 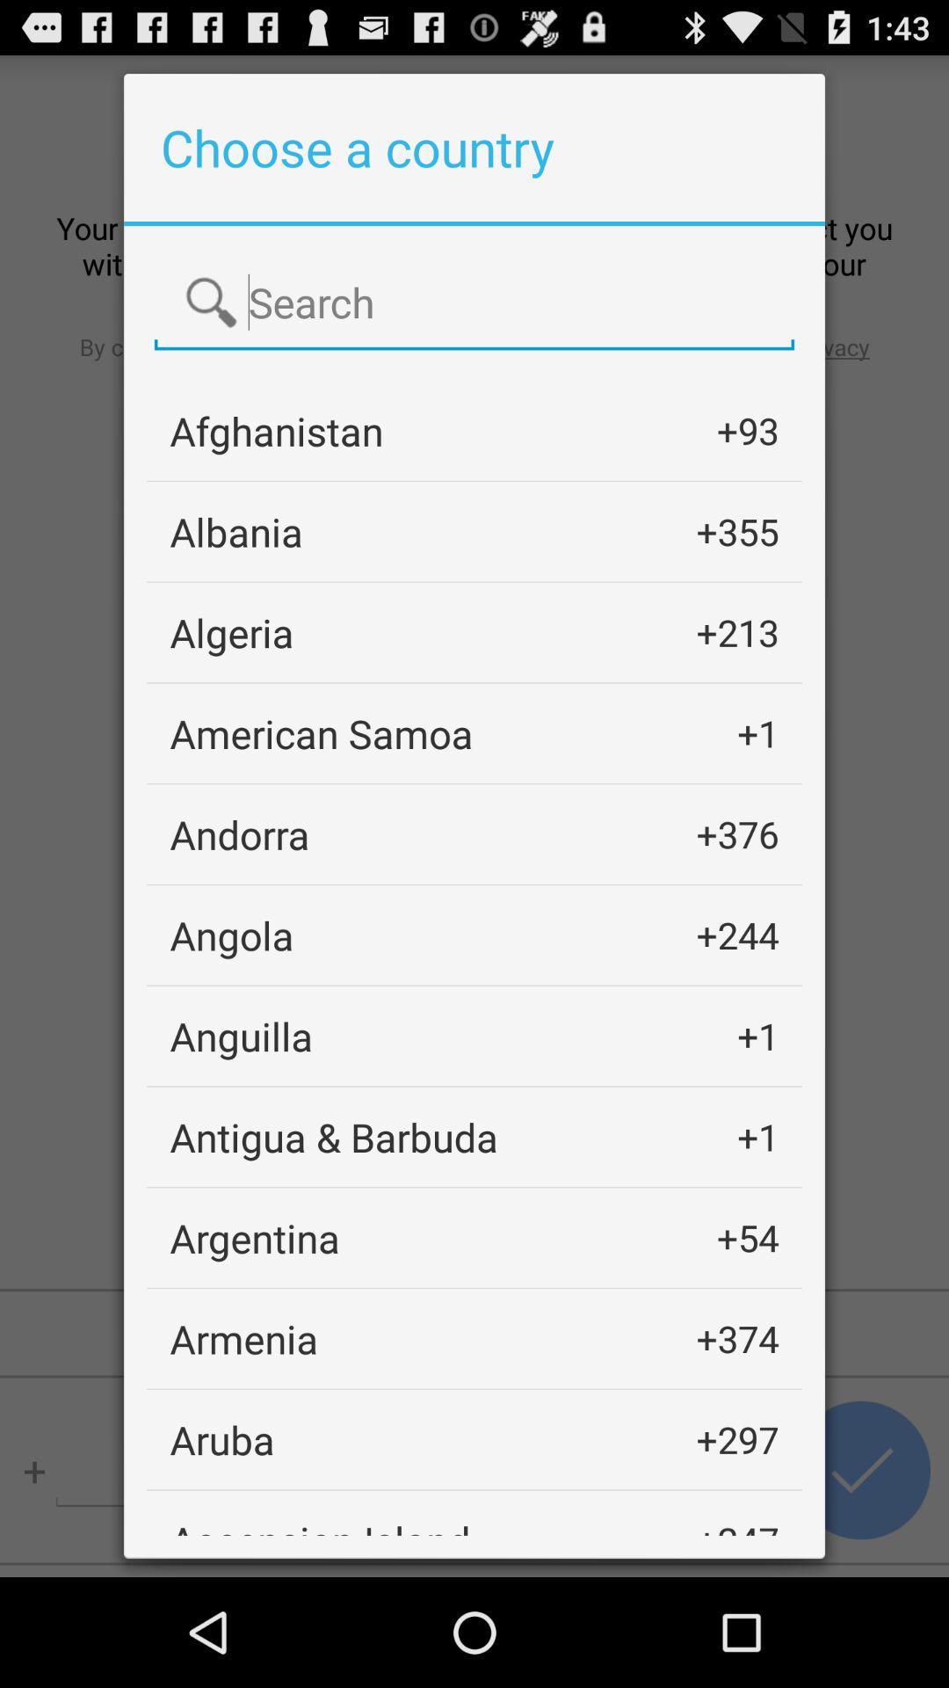 I want to click on icon above +213 app, so click(x=737, y=530).